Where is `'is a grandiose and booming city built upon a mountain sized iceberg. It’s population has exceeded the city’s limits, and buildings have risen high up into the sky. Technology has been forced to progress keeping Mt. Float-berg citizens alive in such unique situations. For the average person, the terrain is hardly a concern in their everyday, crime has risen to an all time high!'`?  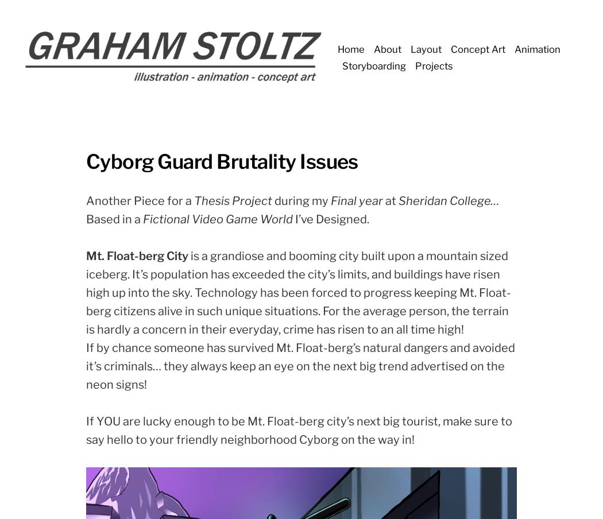 'is a grandiose and booming city built upon a mountain sized iceberg. It’s population has exceeded the city’s limits, and buildings have risen high up into the sky. Technology has been forced to progress keeping Mt. Float-berg citizens alive in such unique situations. For the average person, the terrain is hardly a concern in their everyday, crime has risen to an all time high!' is located at coordinates (86, 292).